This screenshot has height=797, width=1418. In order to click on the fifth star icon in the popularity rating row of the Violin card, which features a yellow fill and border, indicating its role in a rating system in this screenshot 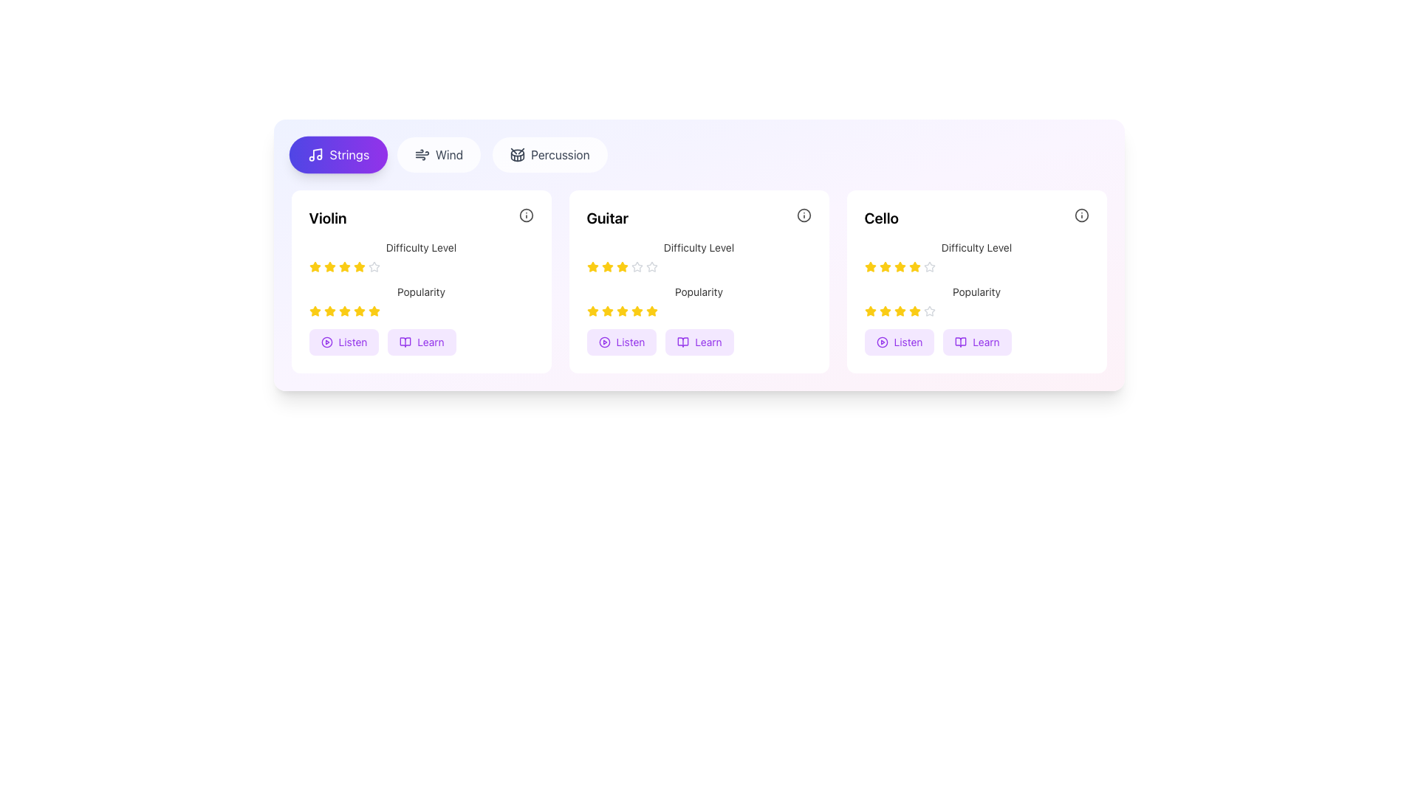, I will do `click(374, 310)`.